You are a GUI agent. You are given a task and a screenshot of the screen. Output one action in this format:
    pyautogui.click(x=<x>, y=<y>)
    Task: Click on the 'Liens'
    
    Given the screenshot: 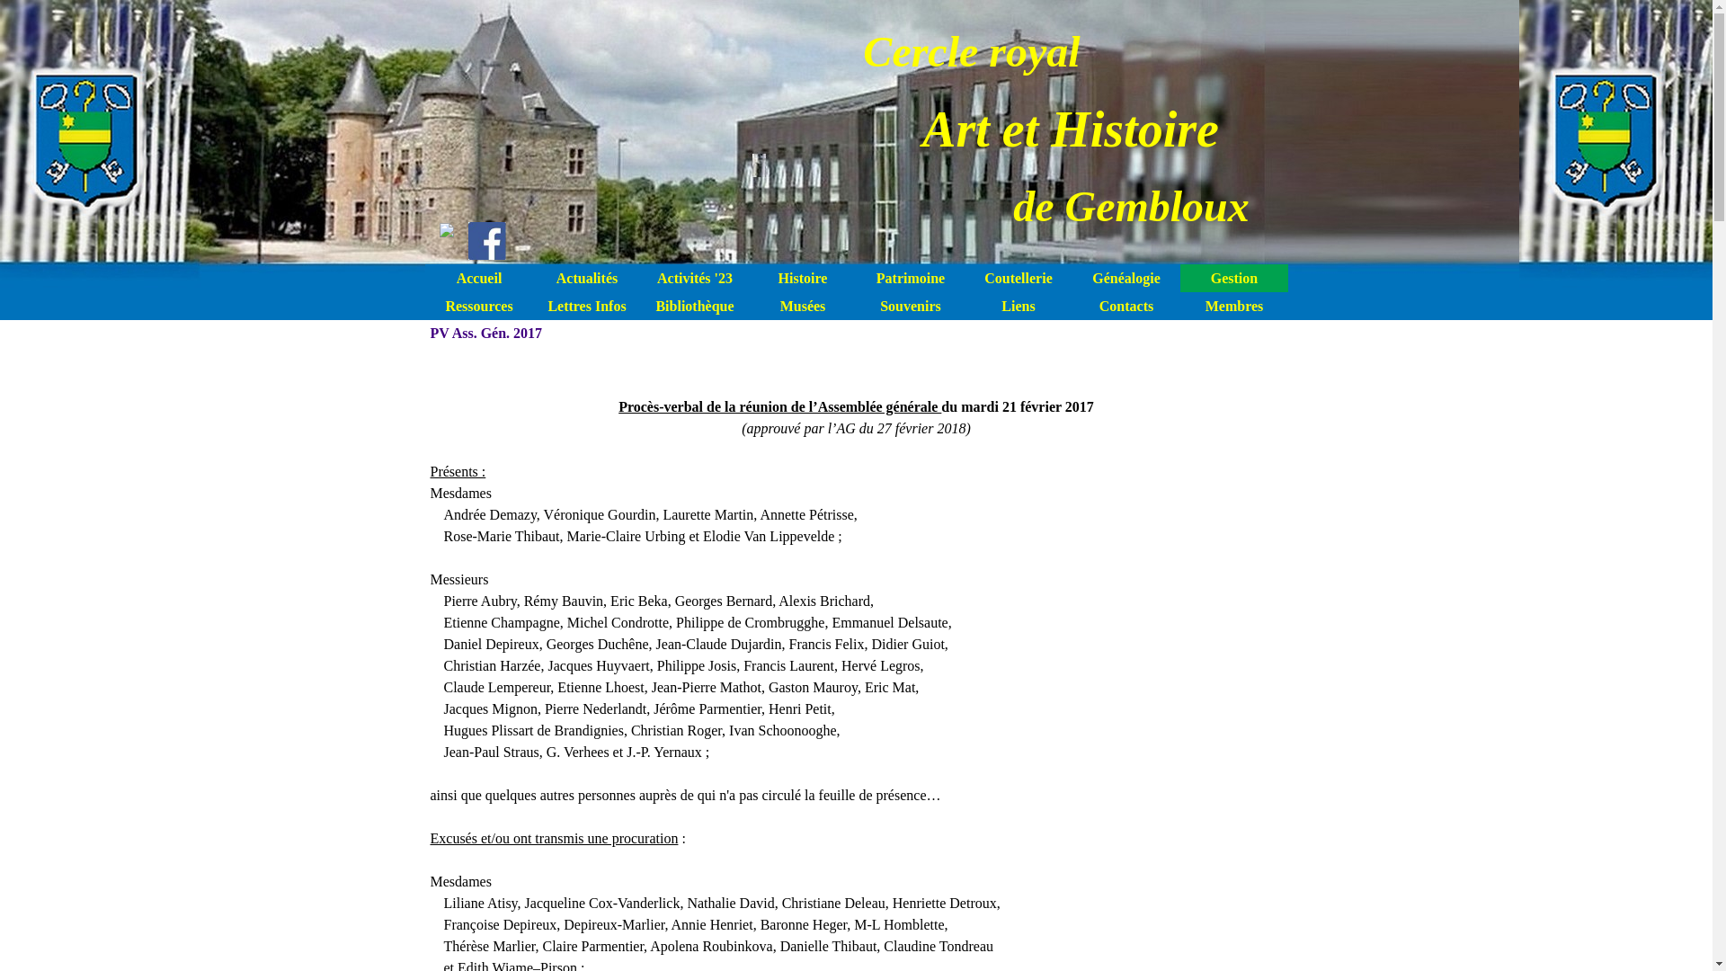 What is the action you would take?
    pyautogui.click(x=1018, y=305)
    